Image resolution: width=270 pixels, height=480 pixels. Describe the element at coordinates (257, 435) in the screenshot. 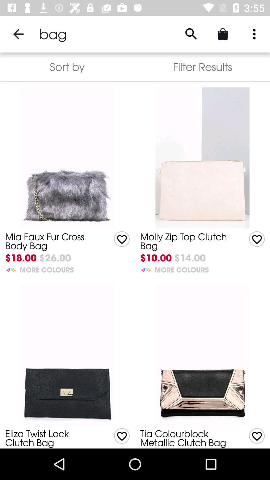

I see `give like` at that location.